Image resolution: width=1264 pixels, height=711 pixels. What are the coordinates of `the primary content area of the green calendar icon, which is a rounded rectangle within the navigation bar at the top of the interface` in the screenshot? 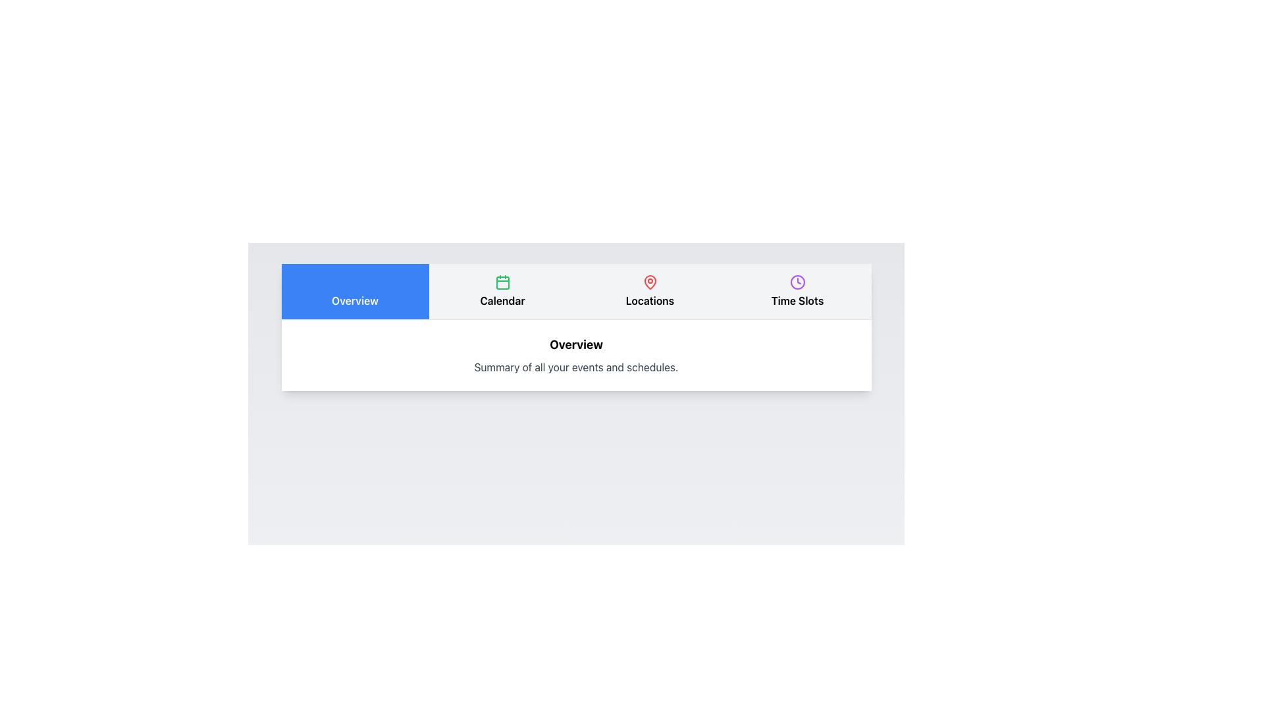 It's located at (502, 282).